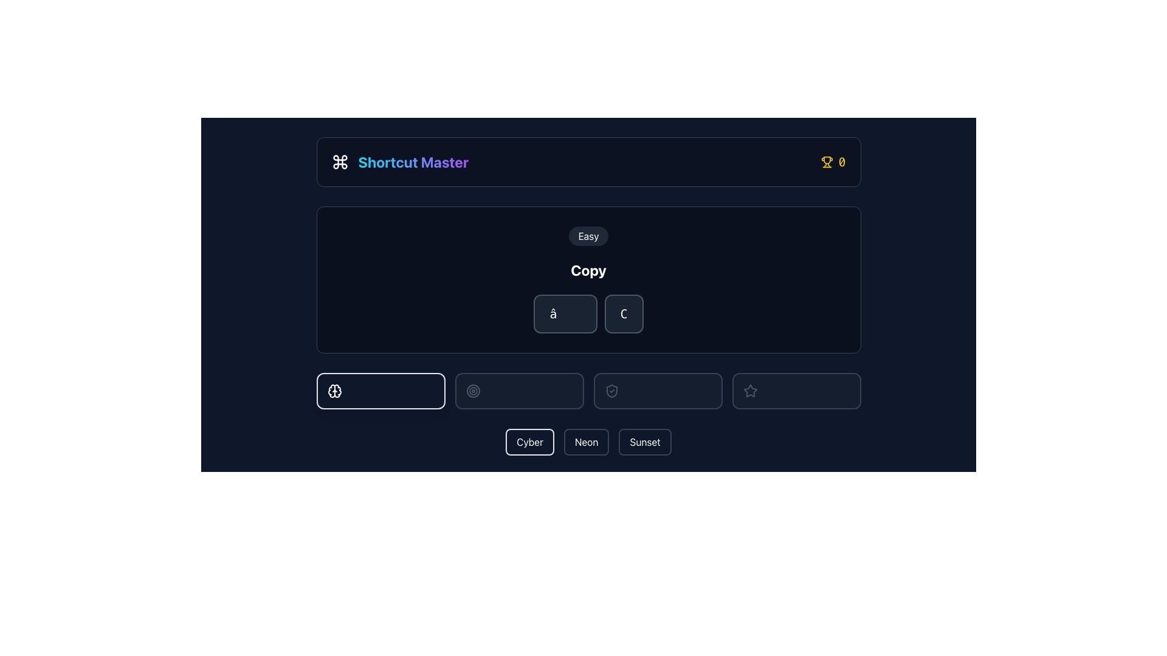  Describe the element at coordinates (588, 442) in the screenshot. I see `the 'Neon' button, which is a selectable segment with a rounded border and cyan highlights, located at the bottom of the layout between 'Cyber' and 'Sunset'` at that location.